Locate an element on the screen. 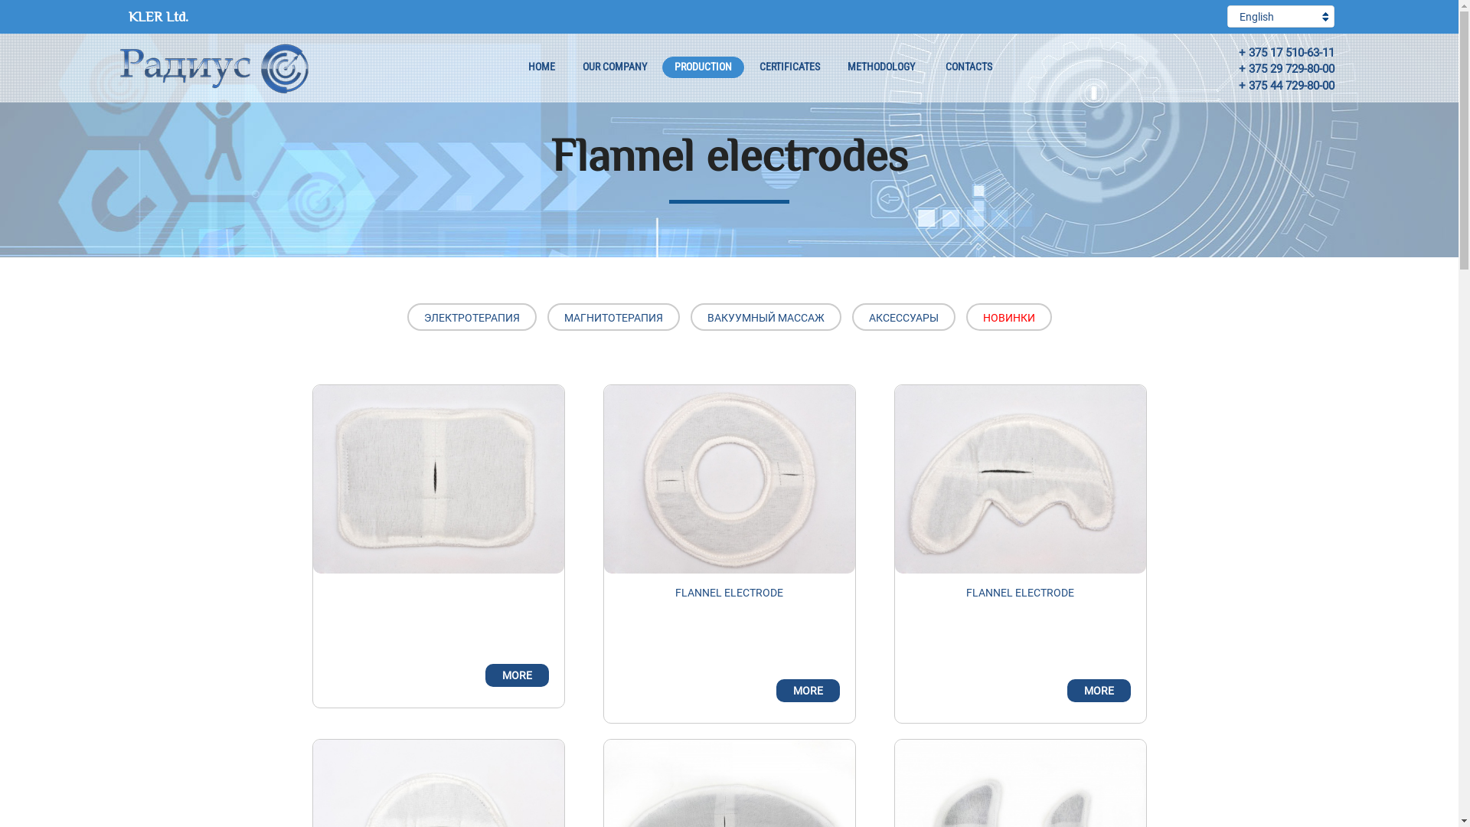 The image size is (1470, 827). 'CONTACTS' is located at coordinates (932, 67).